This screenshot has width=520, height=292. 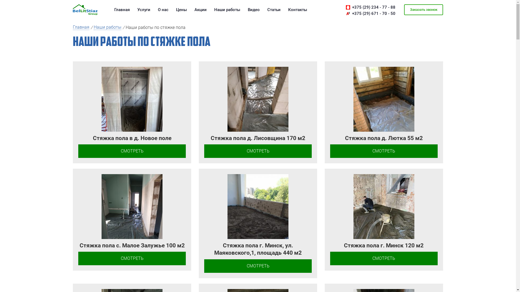 I want to click on '+375 (29) 234 - 77 - 88', so click(x=352, y=7).